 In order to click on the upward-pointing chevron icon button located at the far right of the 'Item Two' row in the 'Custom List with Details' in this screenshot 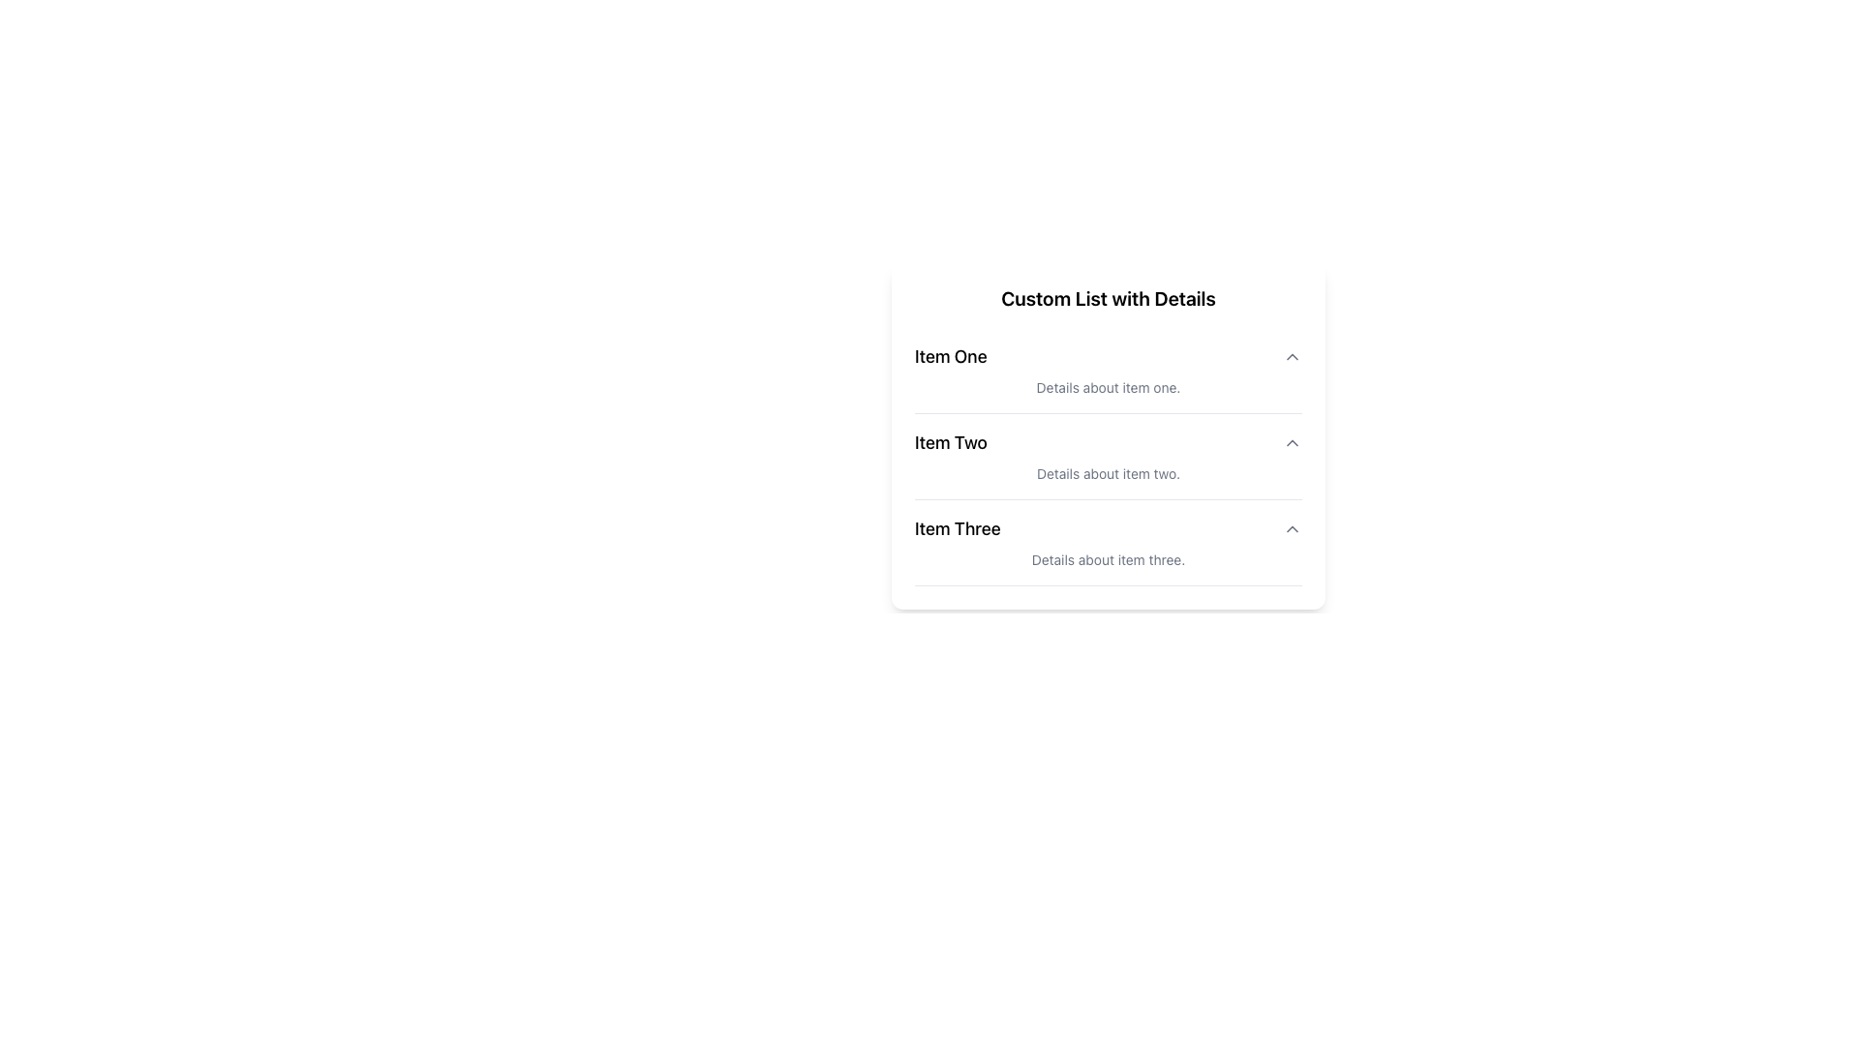, I will do `click(1292, 443)`.